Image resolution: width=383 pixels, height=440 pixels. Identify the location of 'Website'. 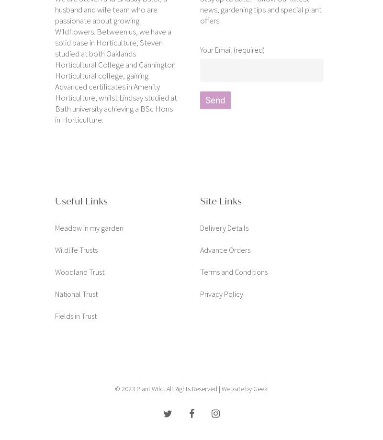
(232, 388).